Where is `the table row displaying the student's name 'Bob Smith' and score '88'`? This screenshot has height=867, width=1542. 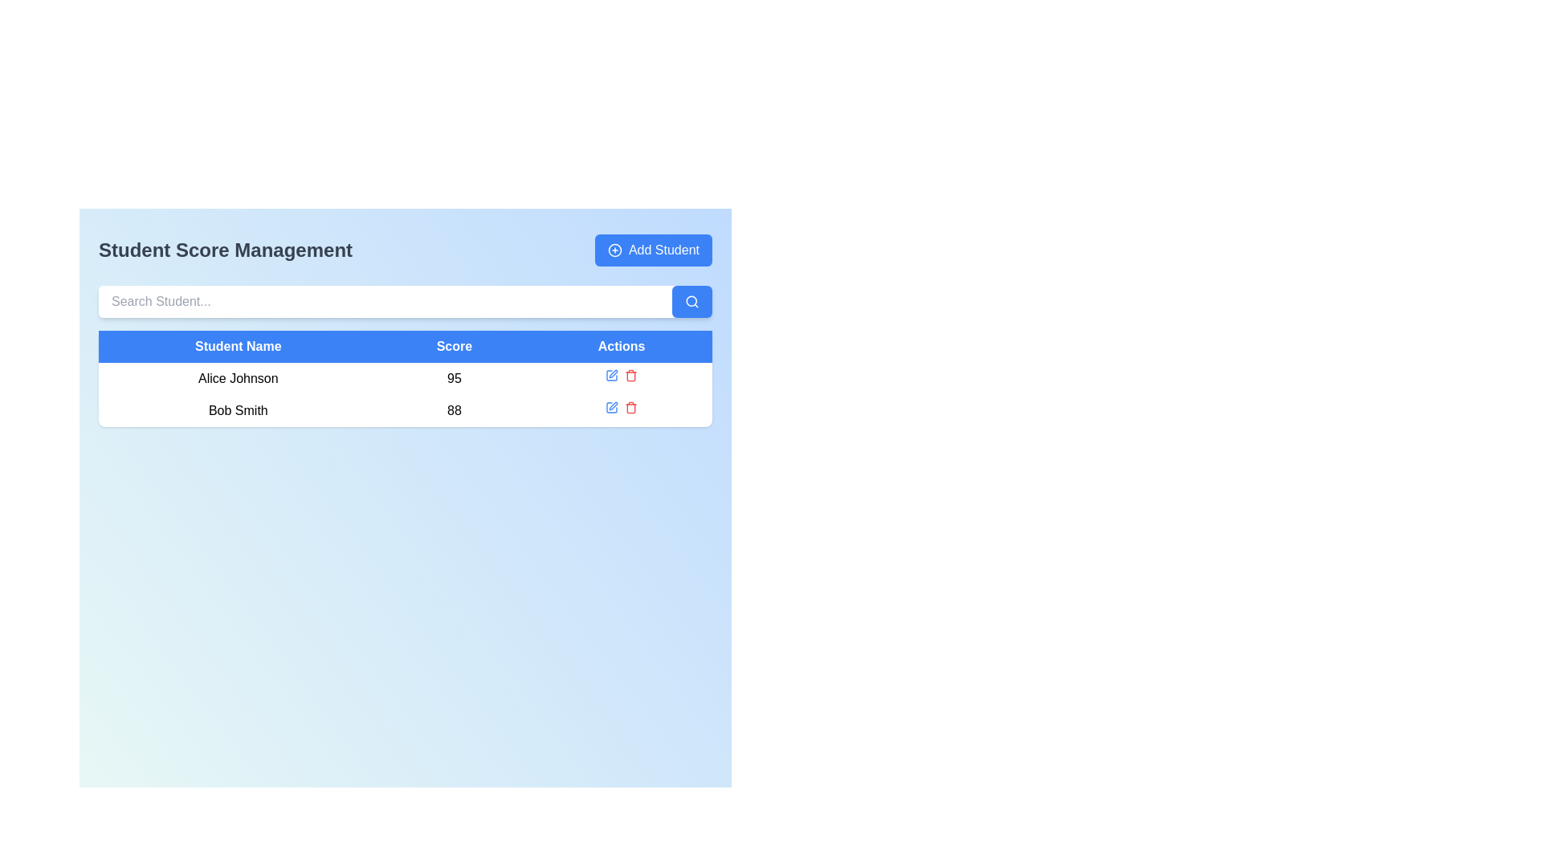
the table row displaying the student's name 'Bob Smith' and score '88' is located at coordinates (405, 410).